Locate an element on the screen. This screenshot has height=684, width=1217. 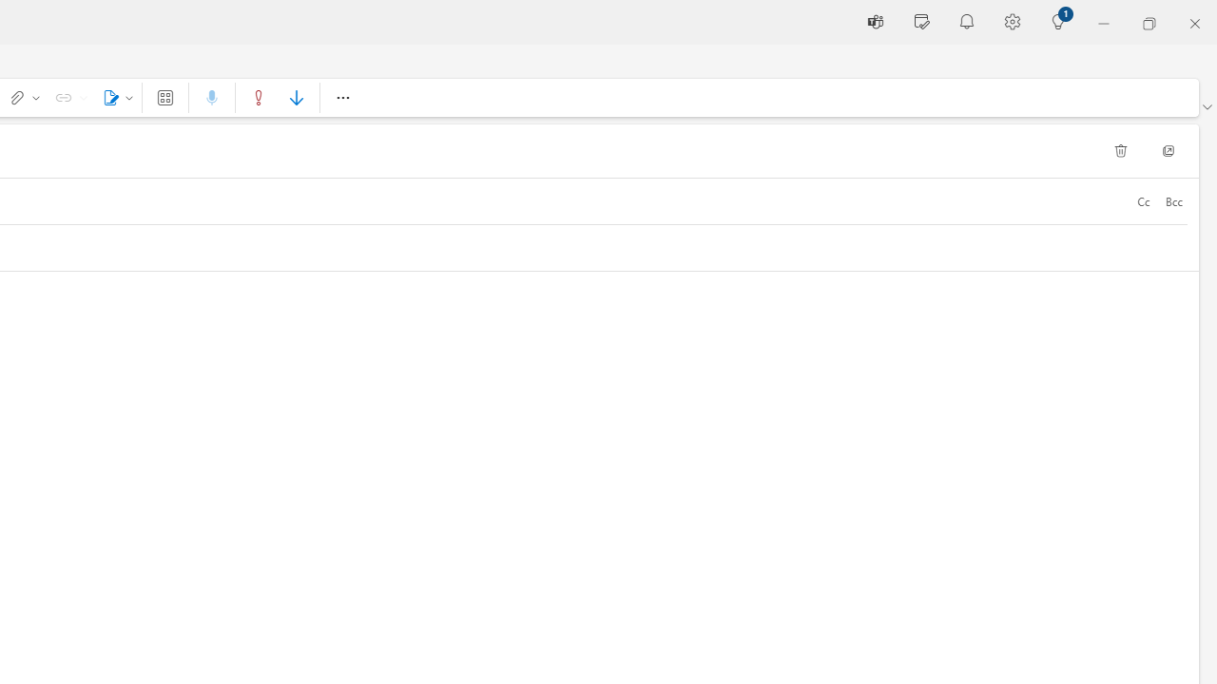
'More options' is located at coordinates (342, 97).